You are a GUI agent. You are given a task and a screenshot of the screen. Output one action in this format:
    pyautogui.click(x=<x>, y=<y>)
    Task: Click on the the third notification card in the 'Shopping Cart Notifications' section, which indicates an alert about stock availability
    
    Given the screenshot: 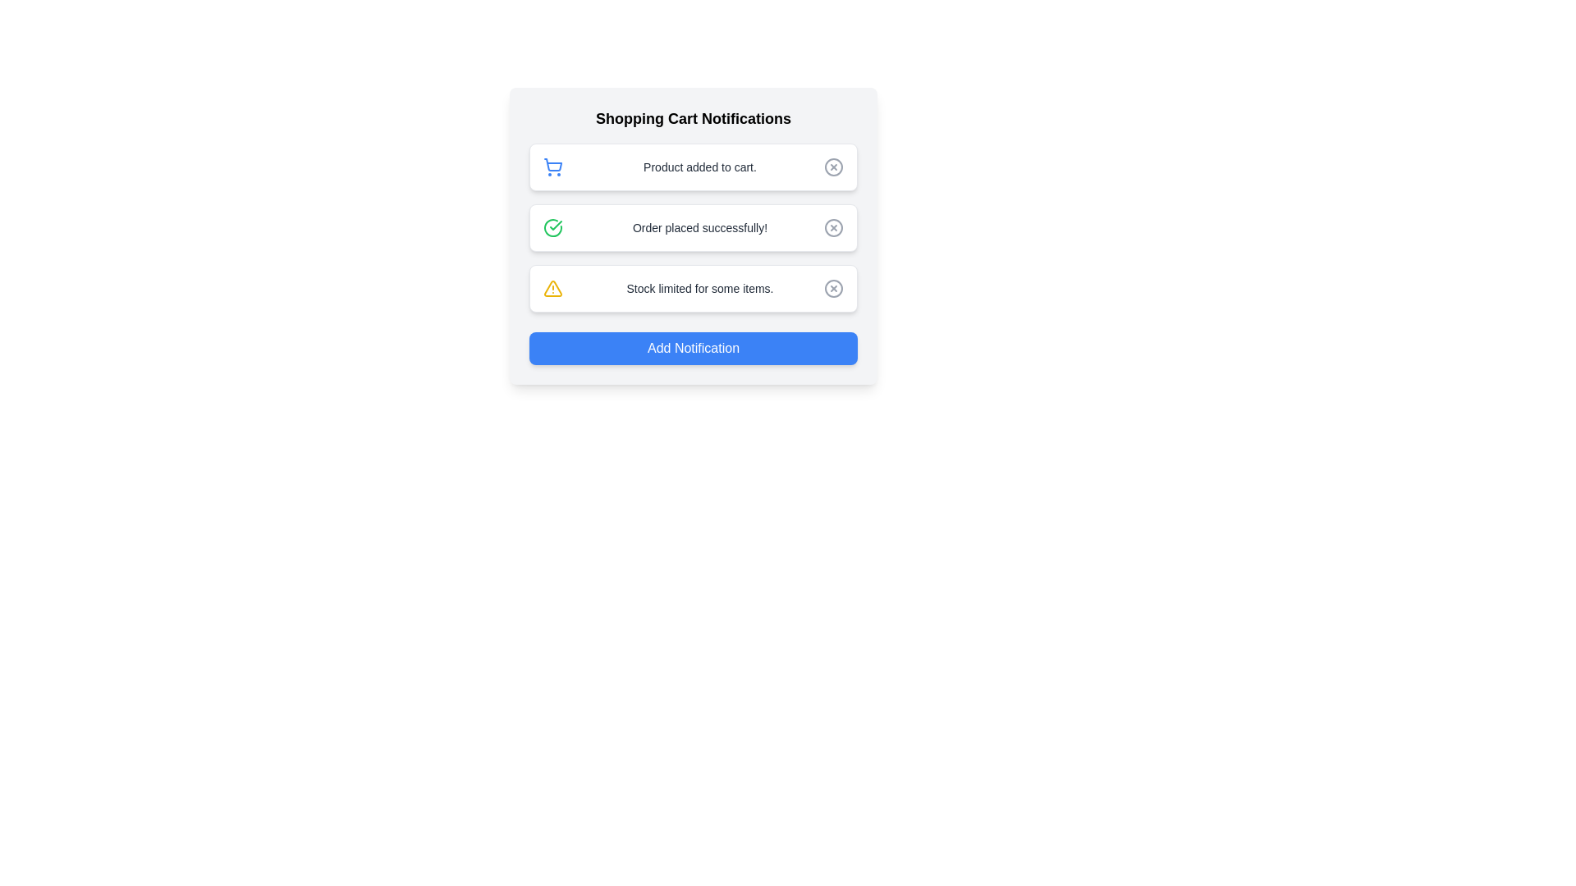 What is the action you would take?
    pyautogui.click(x=693, y=287)
    